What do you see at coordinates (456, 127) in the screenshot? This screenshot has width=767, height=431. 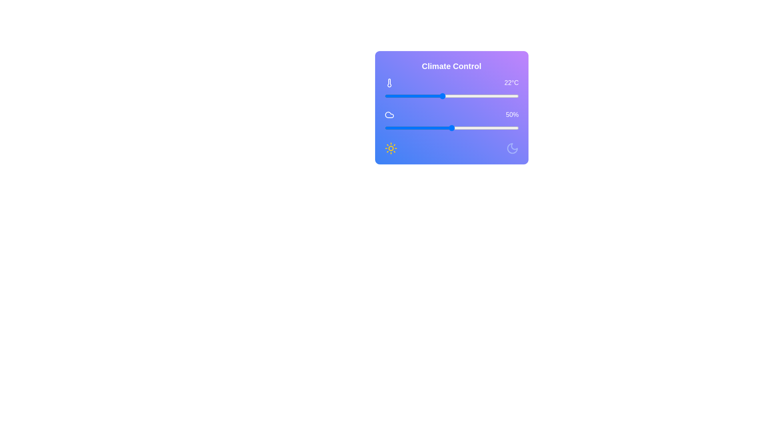 I see `the slider value` at bounding box center [456, 127].